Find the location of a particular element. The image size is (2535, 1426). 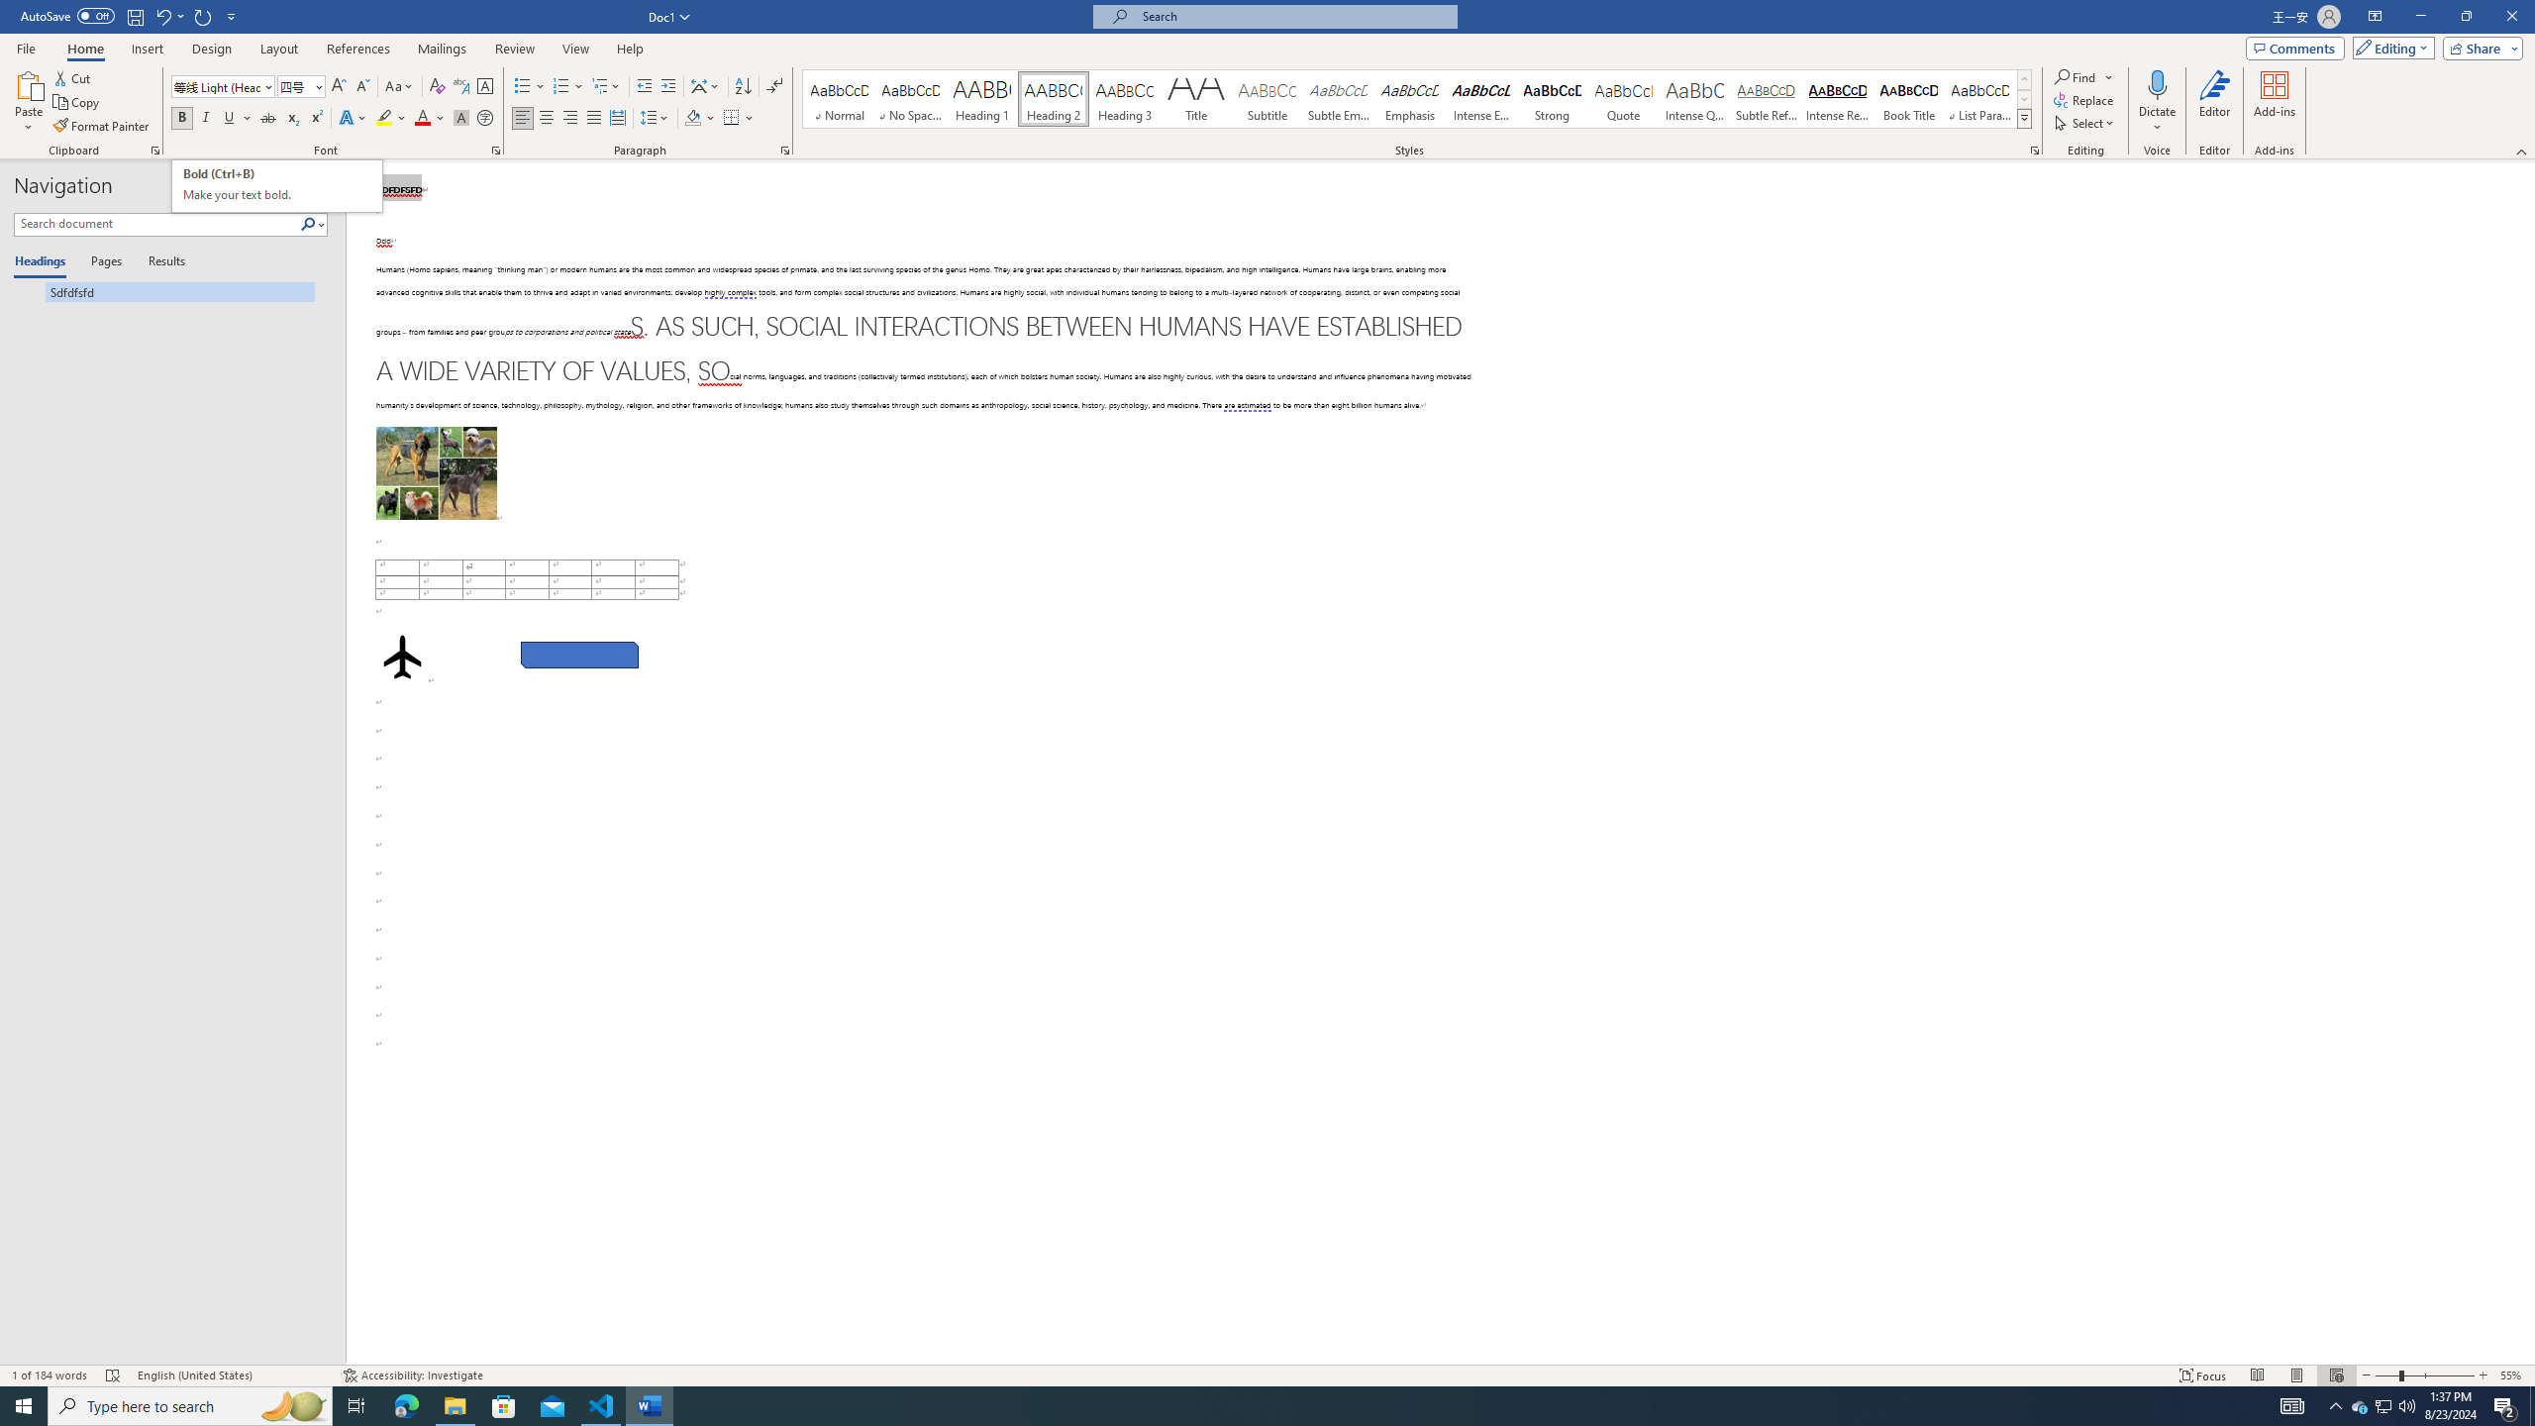

'Mailings' is located at coordinates (441, 49).